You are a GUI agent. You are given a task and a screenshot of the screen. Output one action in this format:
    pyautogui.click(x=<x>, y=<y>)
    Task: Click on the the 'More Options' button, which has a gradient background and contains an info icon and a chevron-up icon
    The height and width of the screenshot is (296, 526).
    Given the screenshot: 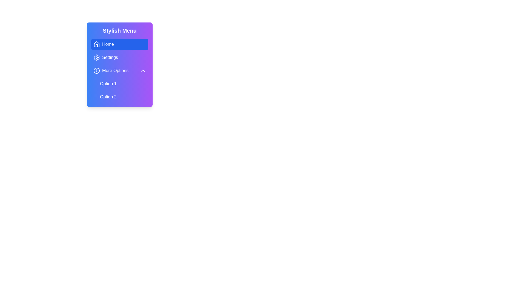 What is the action you would take?
    pyautogui.click(x=119, y=70)
    